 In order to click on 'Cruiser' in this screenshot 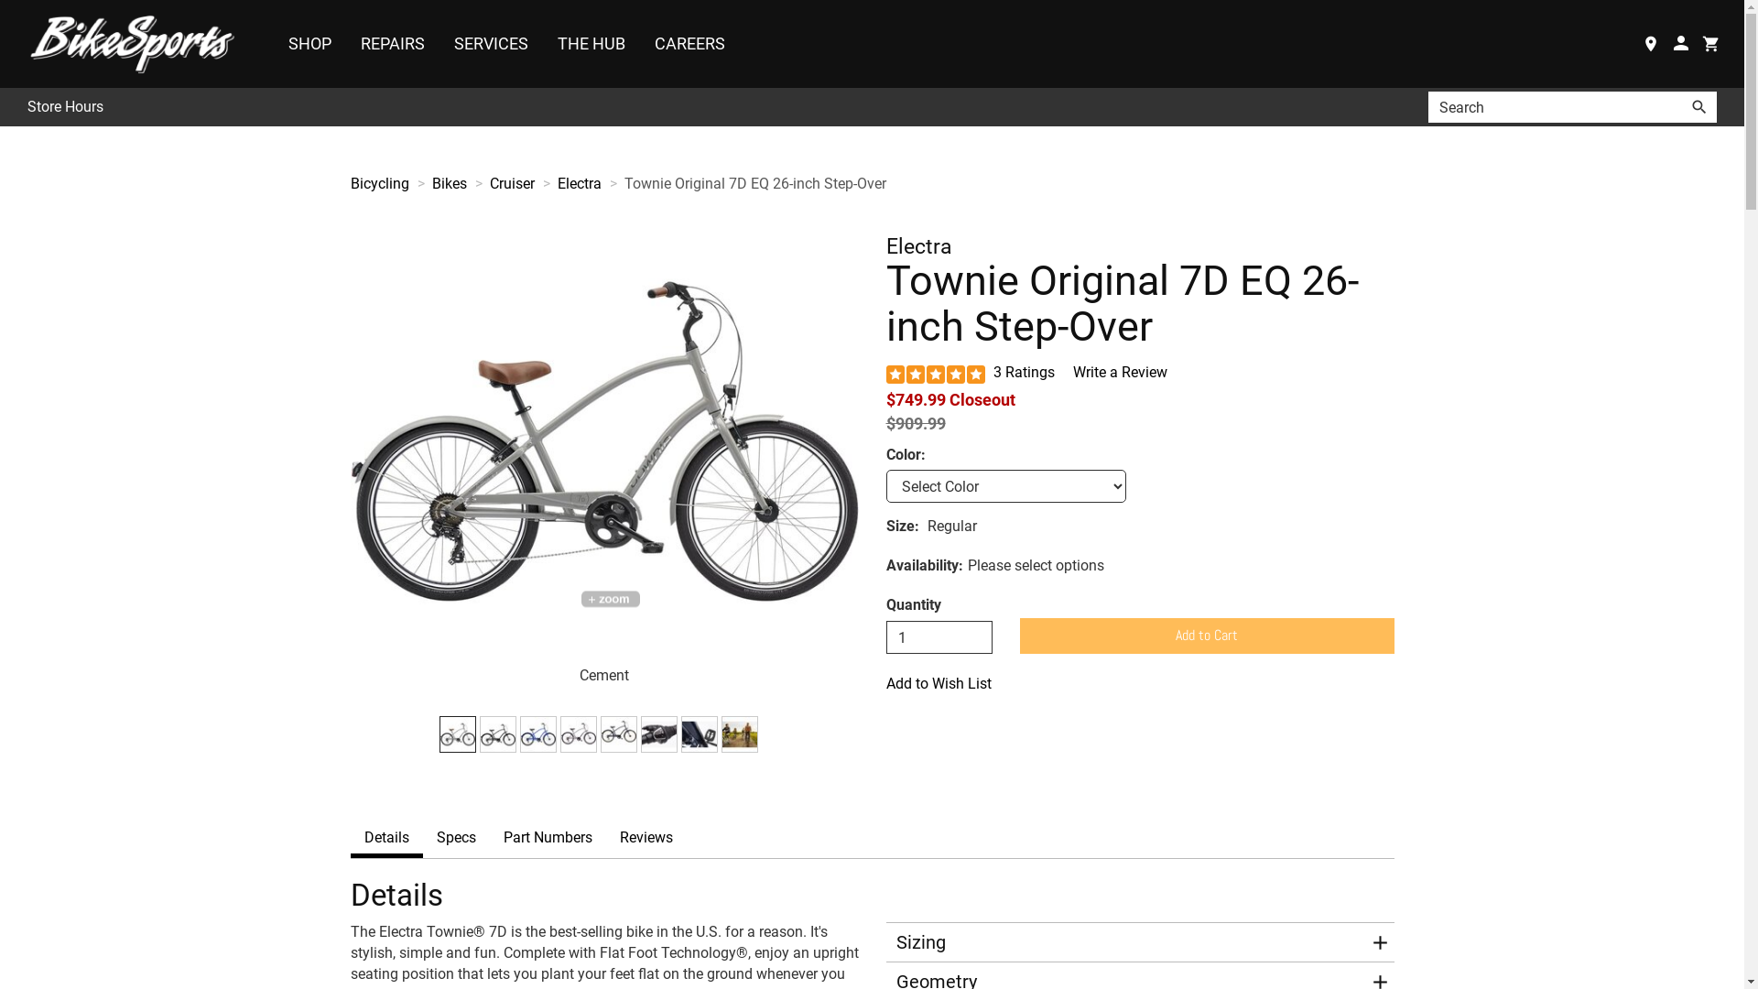, I will do `click(511, 183)`.